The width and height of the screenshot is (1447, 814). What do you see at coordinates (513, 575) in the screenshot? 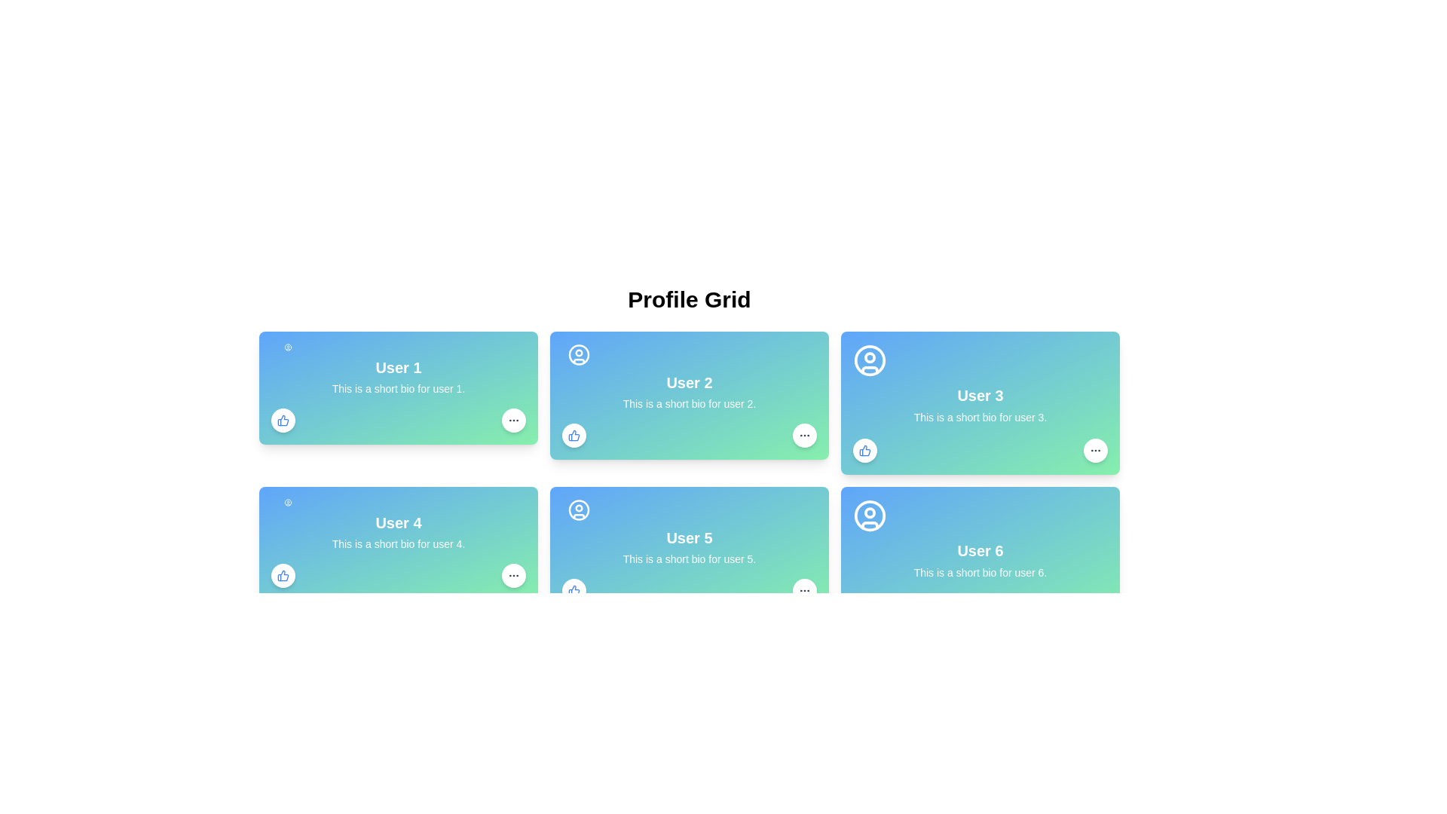
I see `the circular button with a white background and three black dots, located in the bottom-right corner of the 'User 4' card` at bounding box center [513, 575].